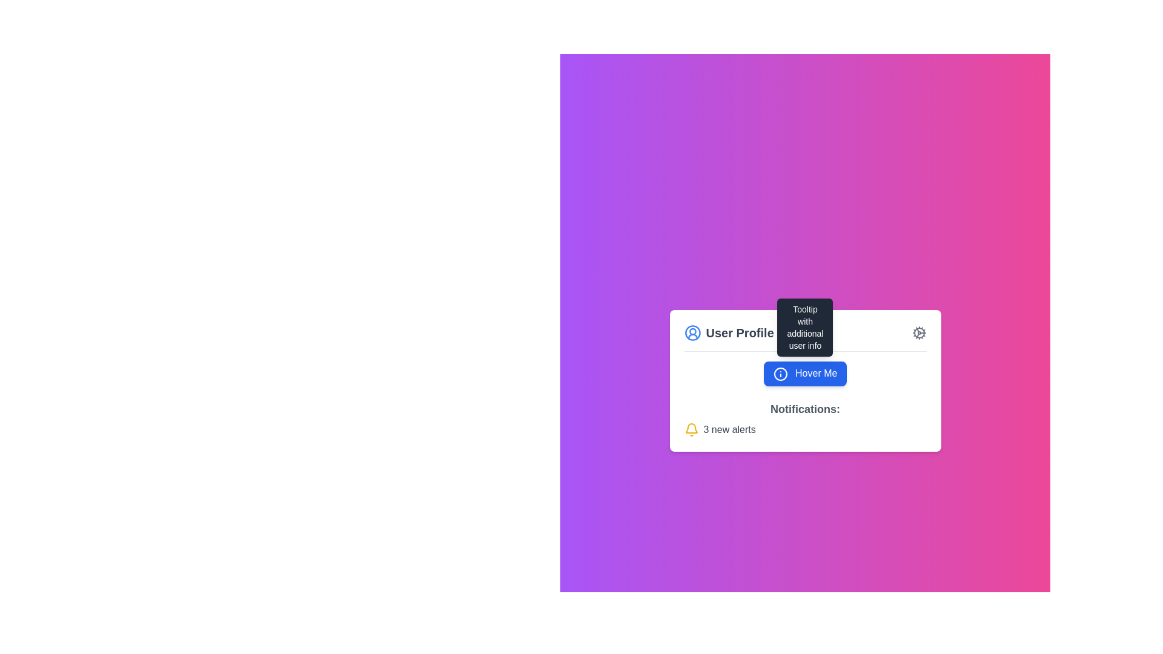 This screenshot has height=654, width=1163. What do you see at coordinates (692, 333) in the screenshot?
I see `the circular user profile icon with a blue outline, located to the left of the 'User Profile' title` at bounding box center [692, 333].